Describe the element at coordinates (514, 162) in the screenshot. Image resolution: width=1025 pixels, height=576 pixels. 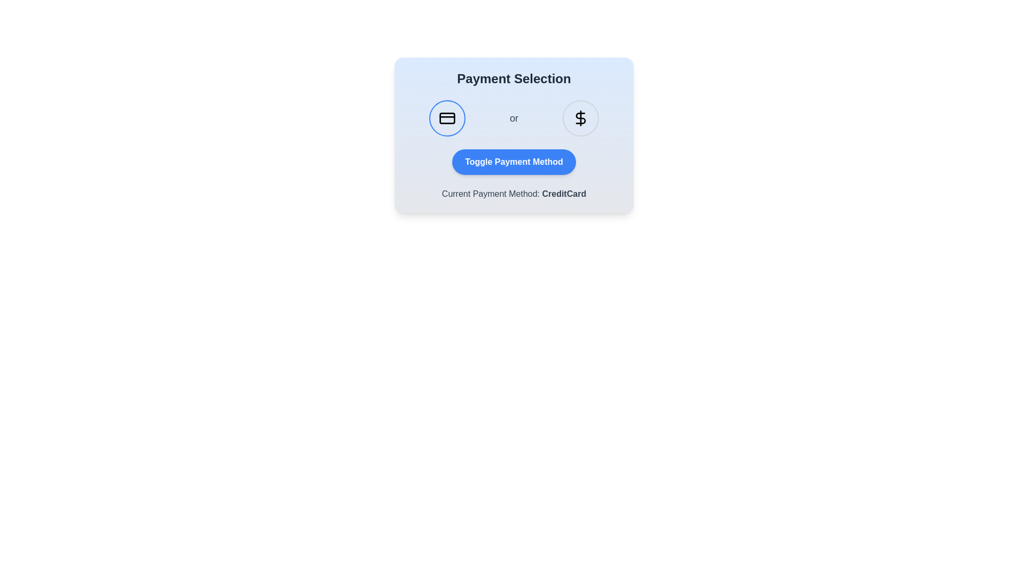
I see `the blue button labeled 'Toggle Payment Method'` at that location.